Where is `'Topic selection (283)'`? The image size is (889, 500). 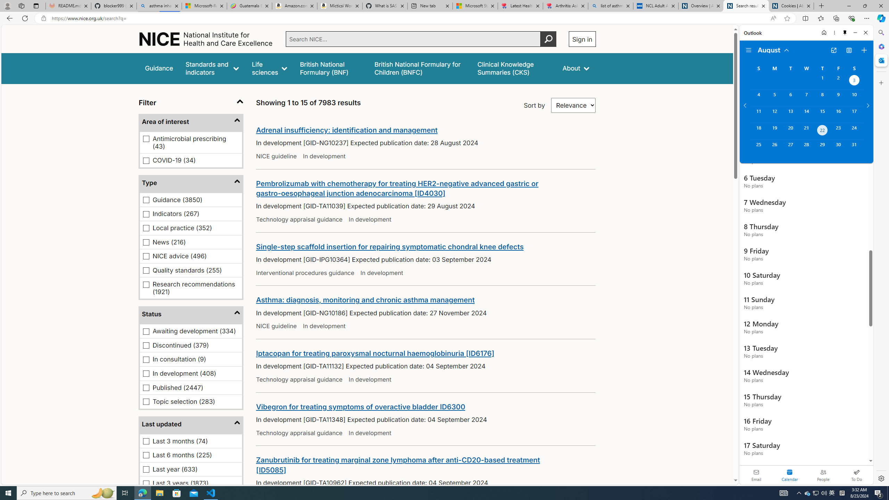
'Topic selection (283)' is located at coordinates (146, 401).